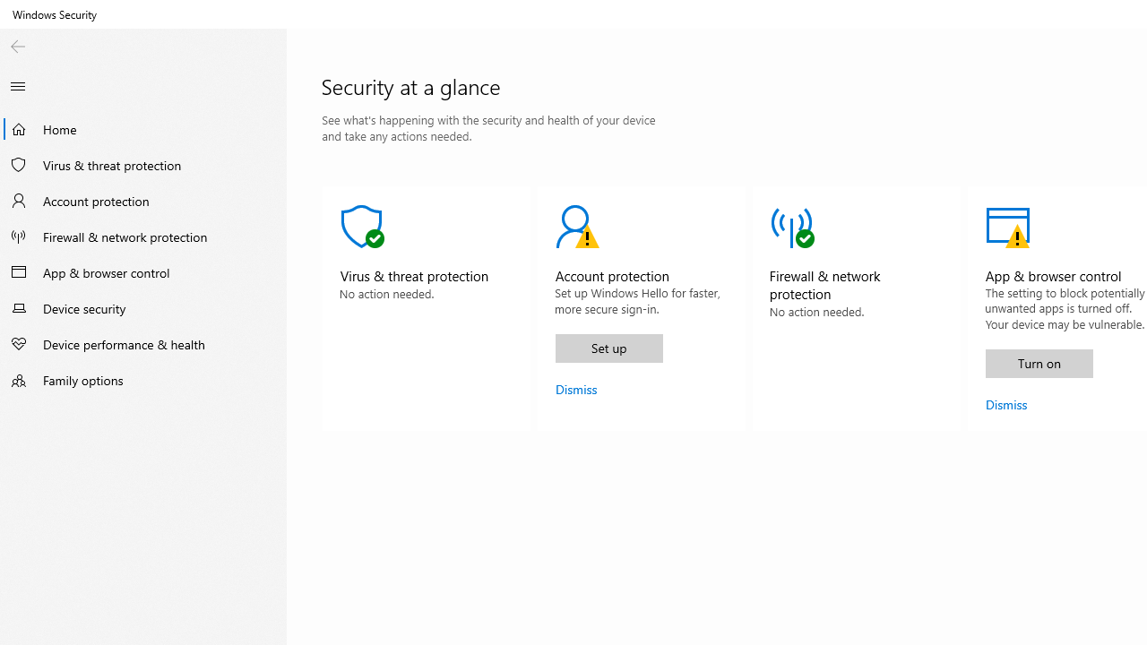 This screenshot has width=1147, height=645. I want to click on 'Turn on', so click(1039, 363).